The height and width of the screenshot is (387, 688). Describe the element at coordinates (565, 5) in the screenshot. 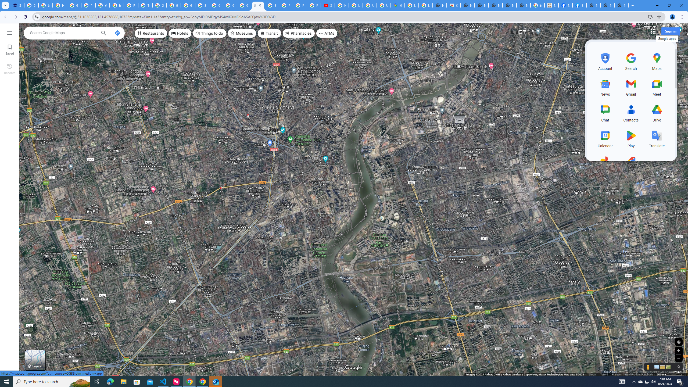

I see `'Miley Cyrus | Facebook'` at that location.